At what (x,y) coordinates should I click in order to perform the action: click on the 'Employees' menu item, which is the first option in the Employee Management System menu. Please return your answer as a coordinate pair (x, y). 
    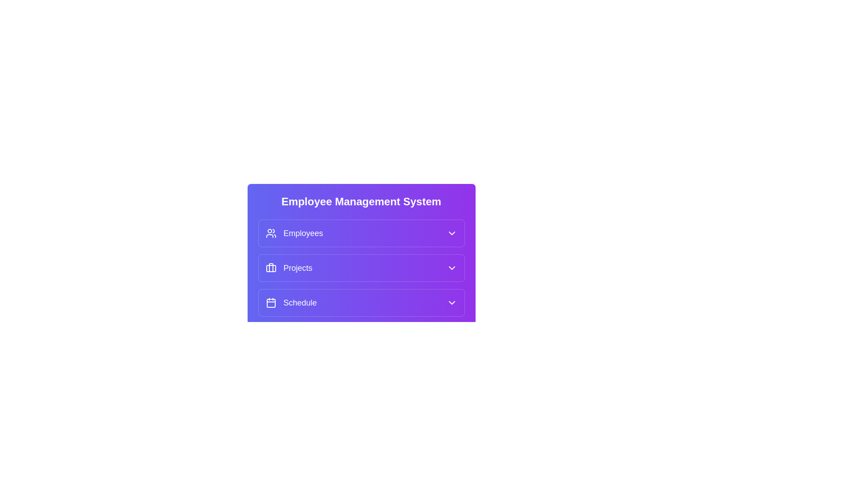
    Looking at the image, I should click on (361, 233).